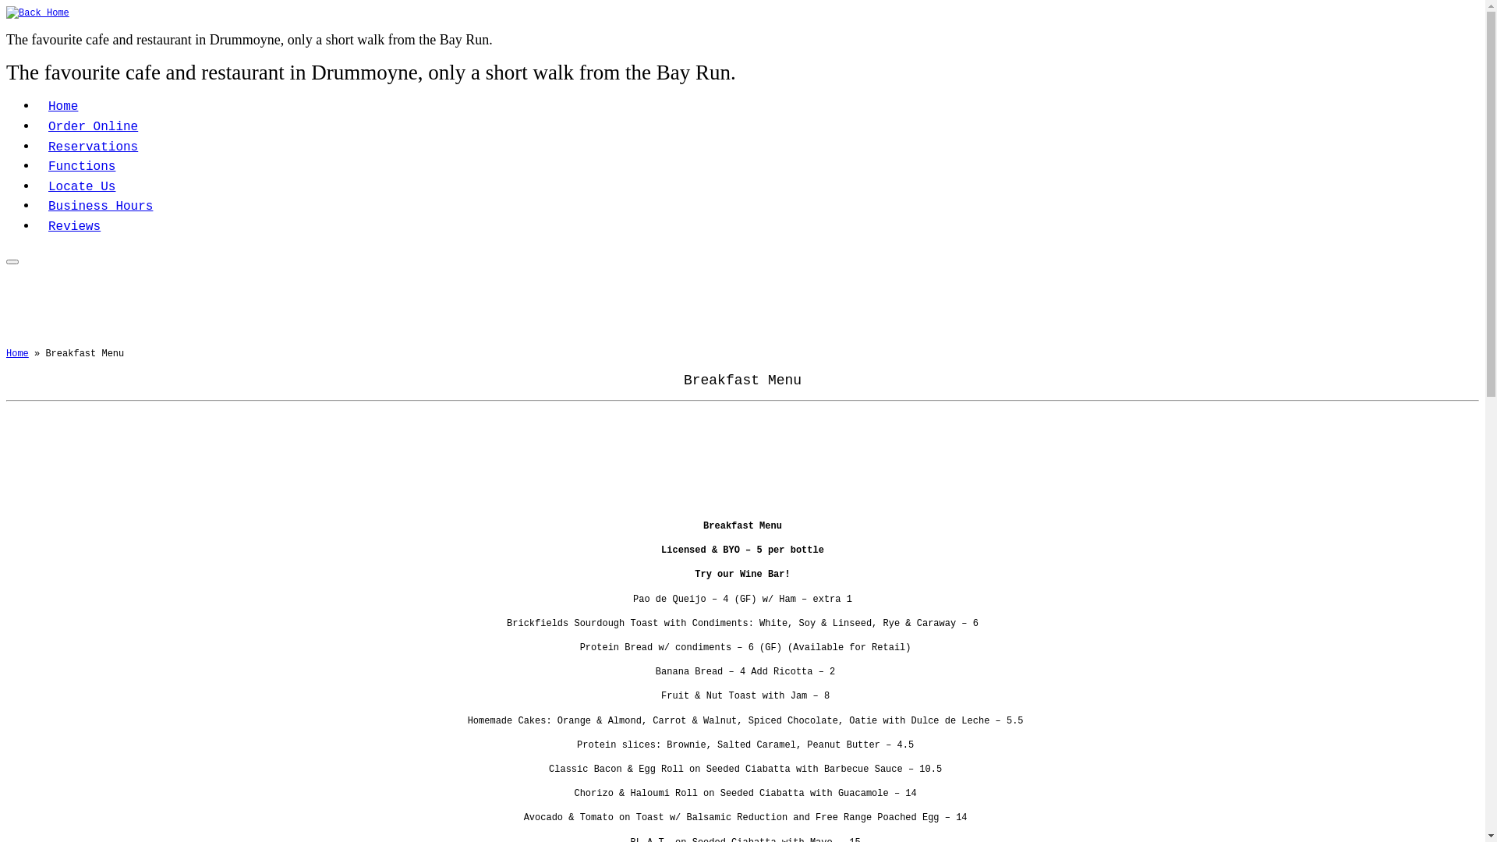 This screenshot has width=1497, height=842. What do you see at coordinates (37, 166) in the screenshot?
I see `'Functions'` at bounding box center [37, 166].